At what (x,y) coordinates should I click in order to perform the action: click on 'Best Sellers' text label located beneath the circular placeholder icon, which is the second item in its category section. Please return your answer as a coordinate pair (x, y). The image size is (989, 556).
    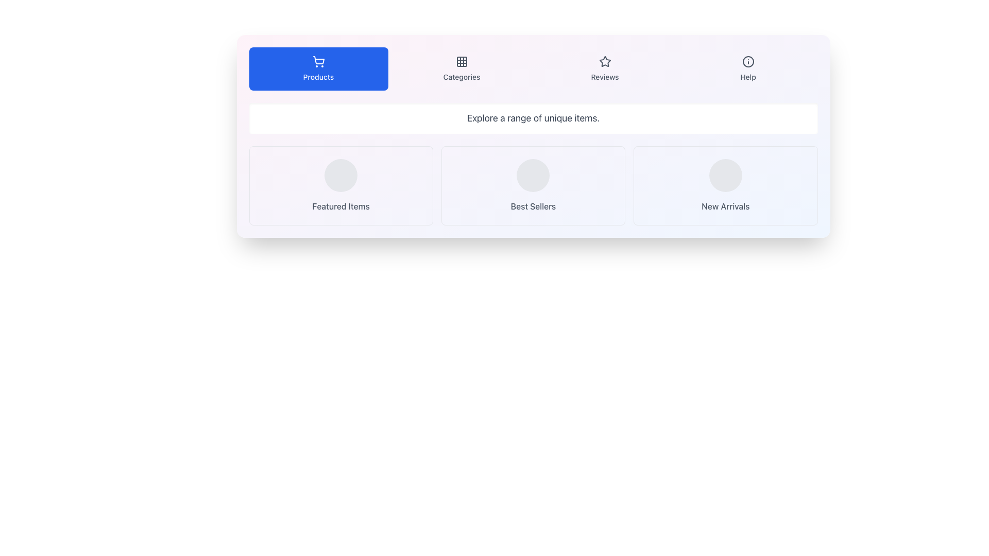
    Looking at the image, I should click on (533, 206).